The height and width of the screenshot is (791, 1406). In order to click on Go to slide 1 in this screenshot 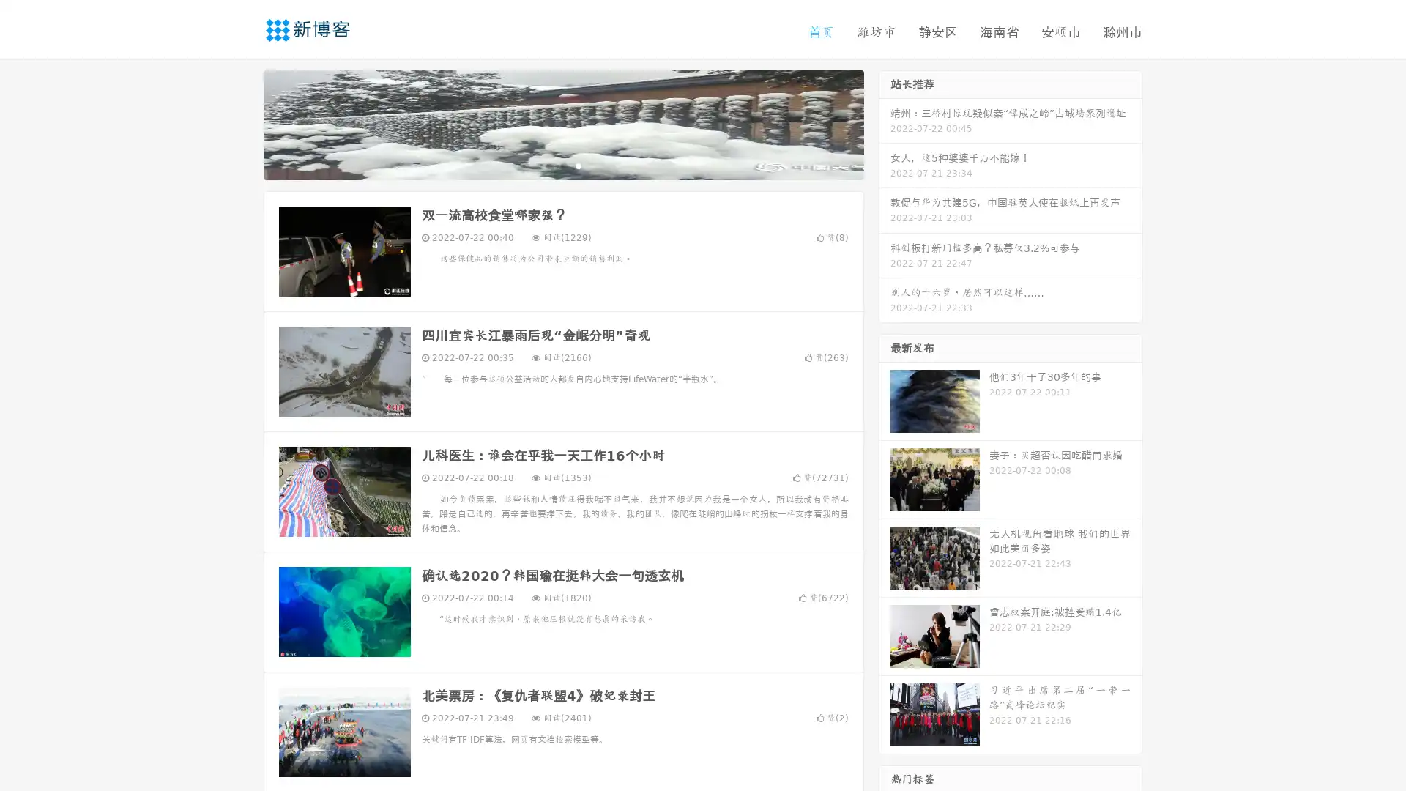, I will do `click(548, 165)`.